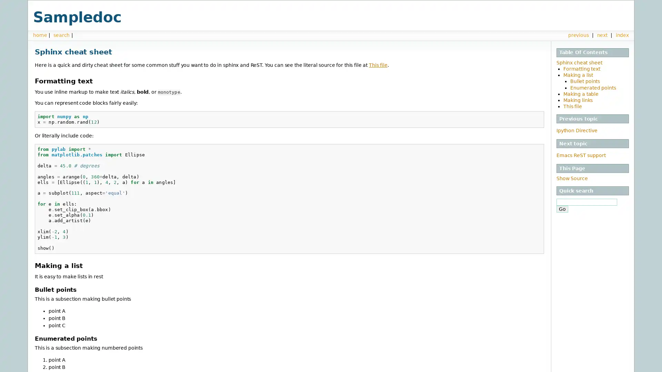  Describe the element at coordinates (562, 208) in the screenshot. I see `Go` at that location.